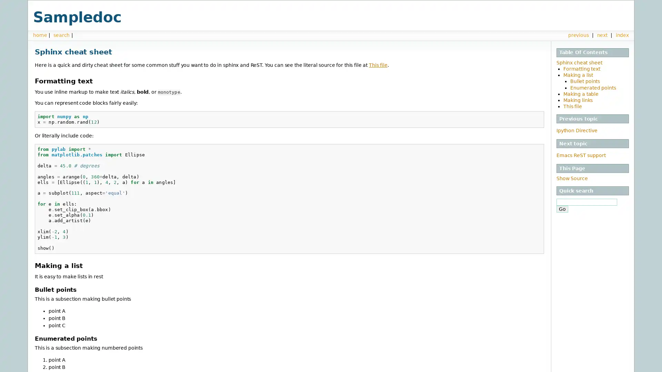  Describe the element at coordinates (562, 208) in the screenshot. I see `Go` at that location.